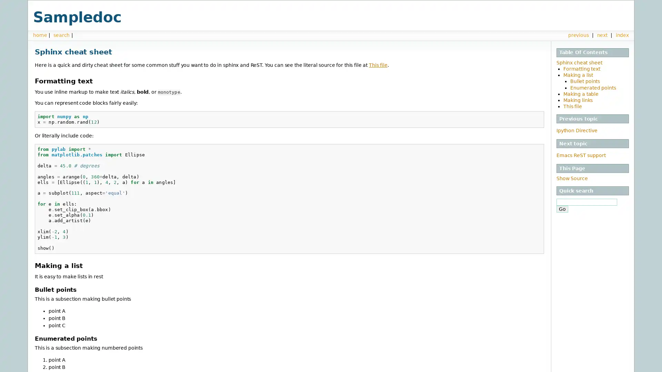  Describe the element at coordinates (562, 208) in the screenshot. I see `Go` at that location.